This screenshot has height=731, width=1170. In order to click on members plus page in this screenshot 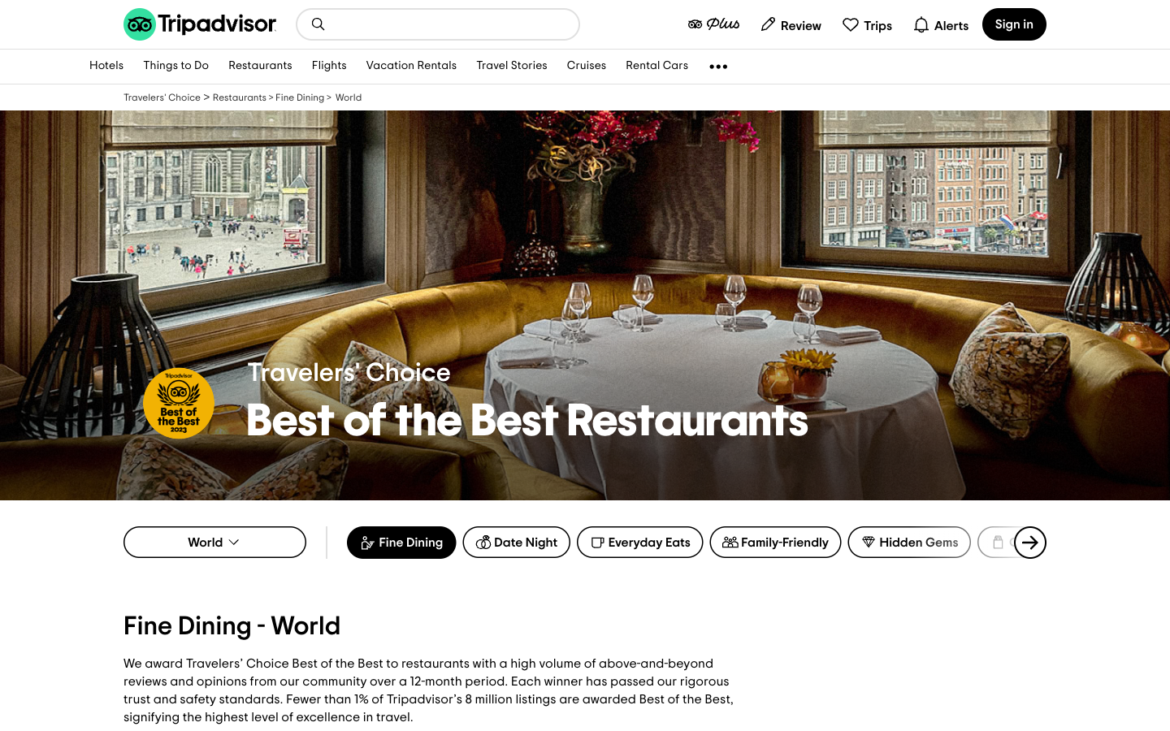, I will do `click(712, 23)`.